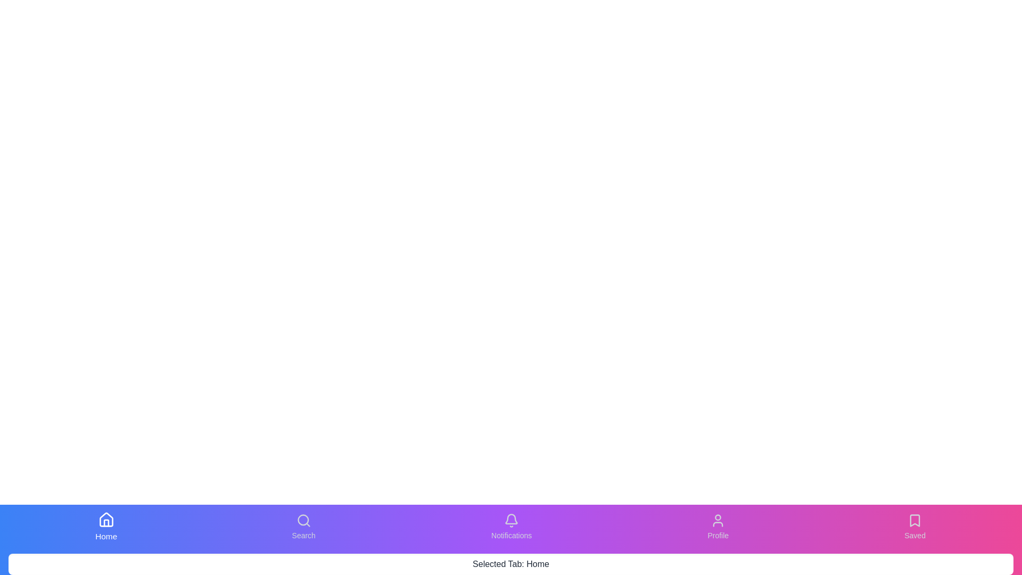 Image resolution: width=1022 pixels, height=575 pixels. What do you see at coordinates (106, 527) in the screenshot?
I see `the tab button labeled Home to switch to its respective content` at bounding box center [106, 527].